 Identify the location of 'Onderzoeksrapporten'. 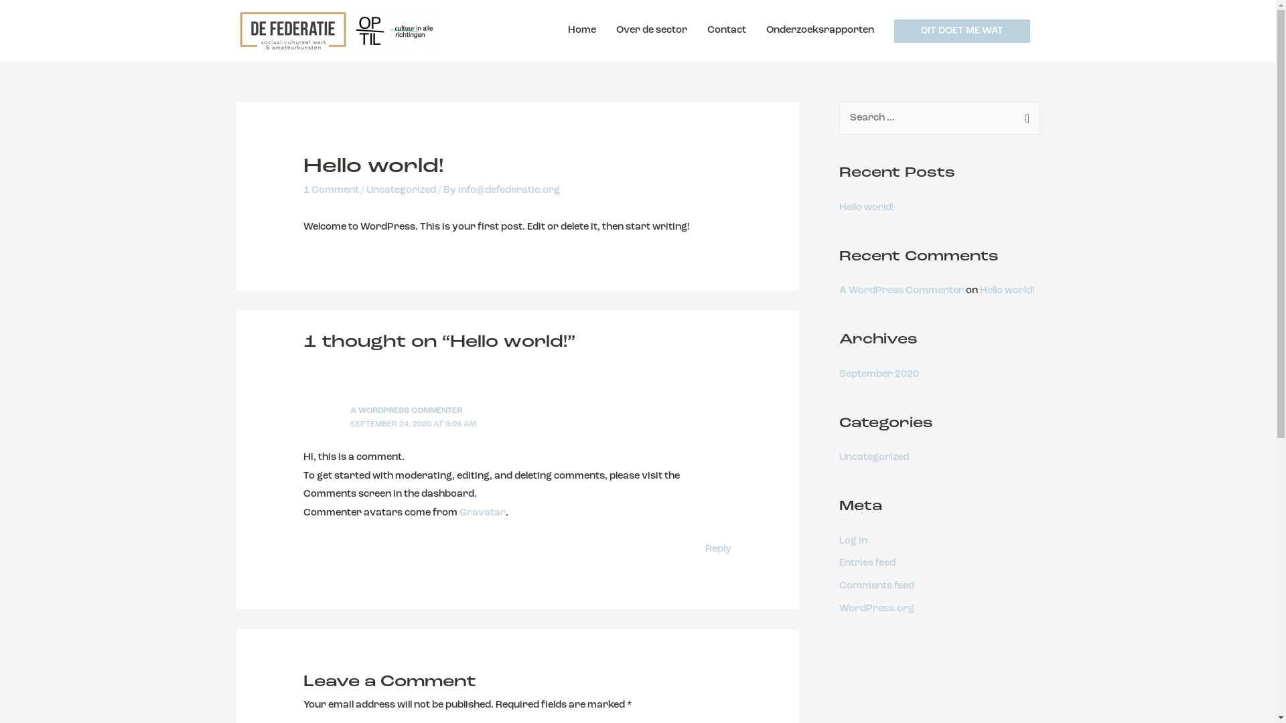
(756, 30).